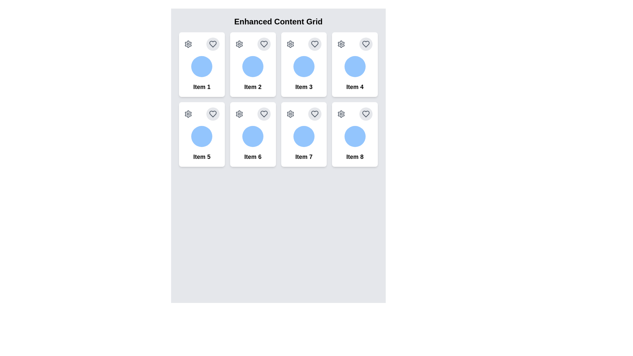 This screenshot has height=356, width=633. What do you see at coordinates (201, 86) in the screenshot?
I see `text label 'Item 1' which is styled with center alignment and bold font, located in the bottom section of the first card in the first row of a 2x4 grid layout` at bounding box center [201, 86].